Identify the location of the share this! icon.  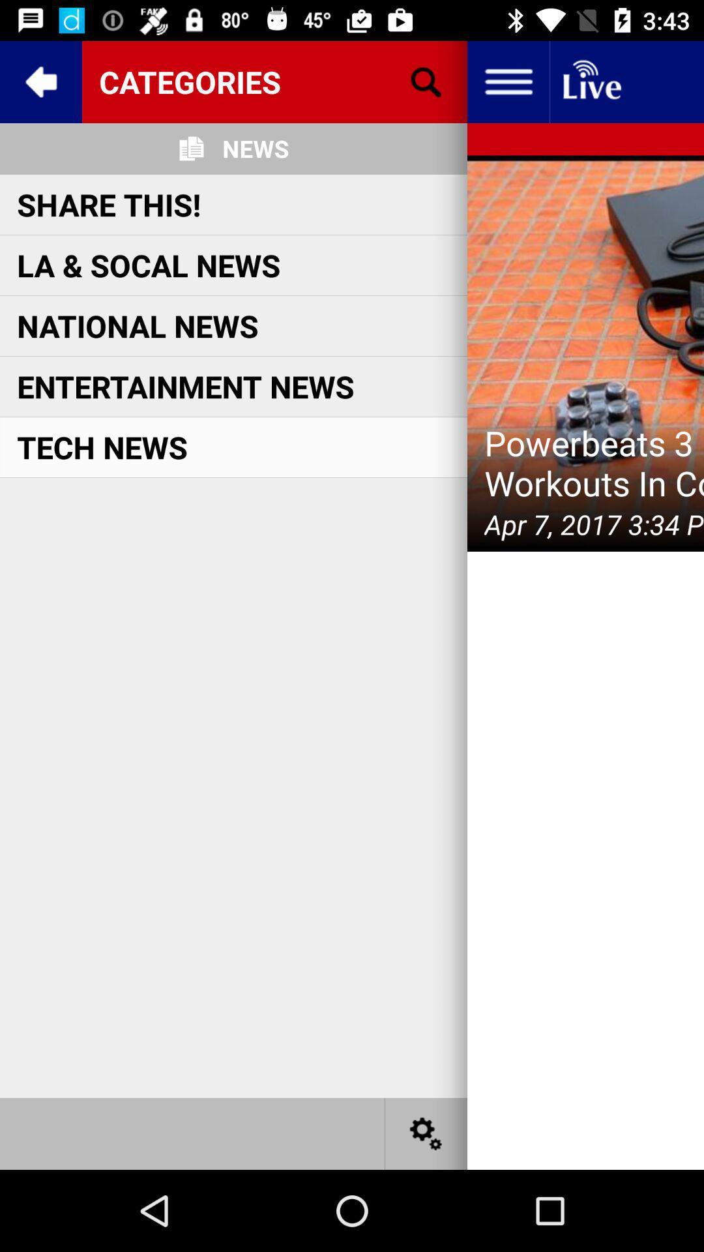
(108, 203).